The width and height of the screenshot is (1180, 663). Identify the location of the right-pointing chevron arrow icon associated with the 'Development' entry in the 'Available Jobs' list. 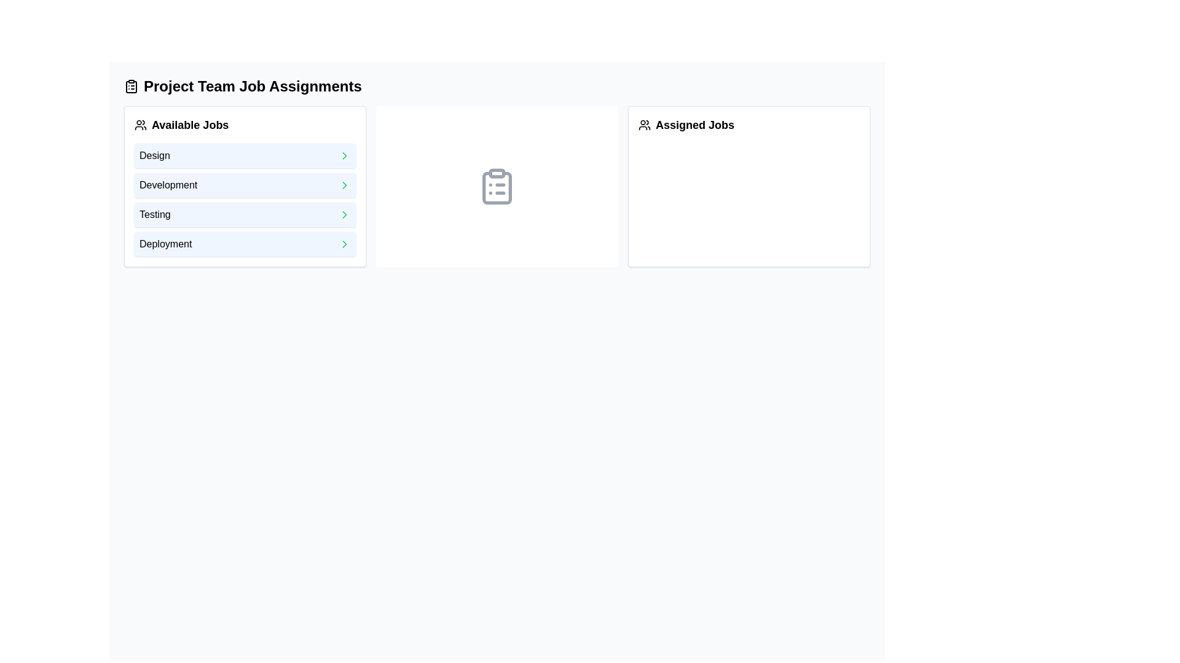
(344, 185).